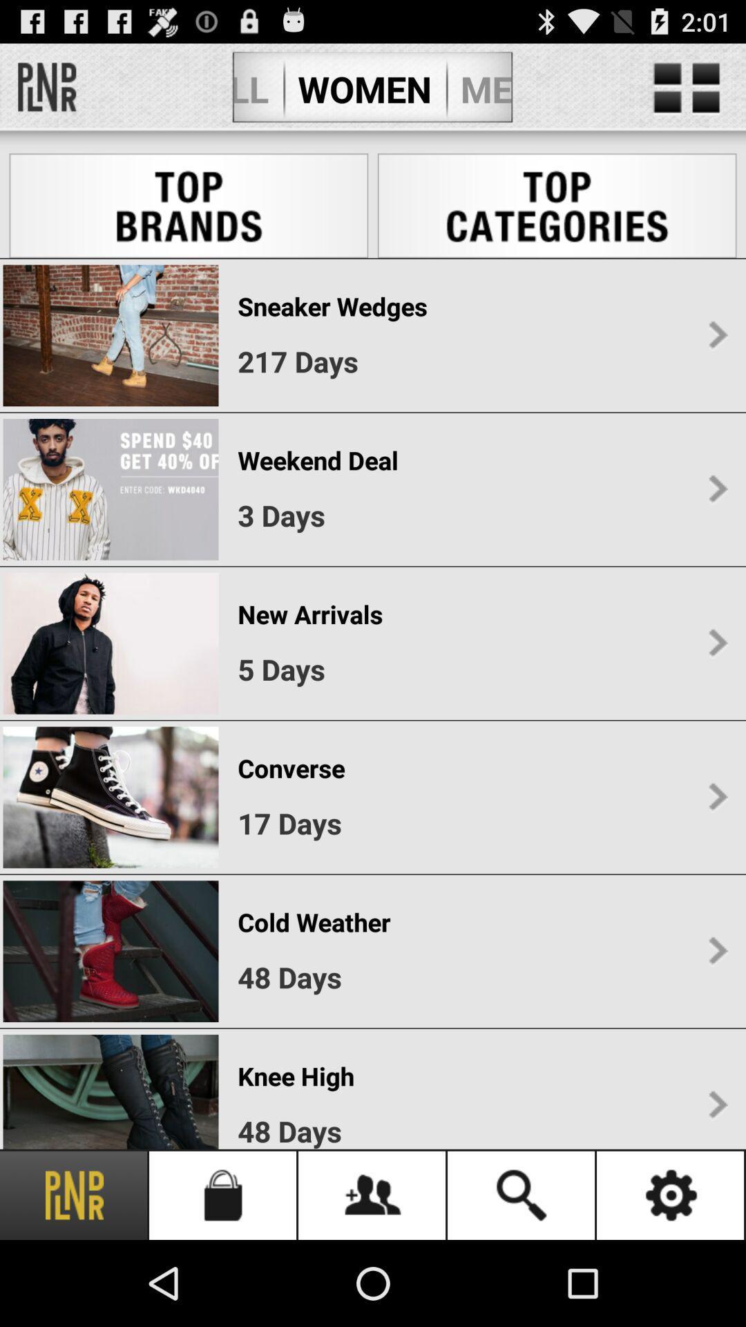 The image size is (746, 1327). I want to click on the second arrow button in the page, so click(717, 489).